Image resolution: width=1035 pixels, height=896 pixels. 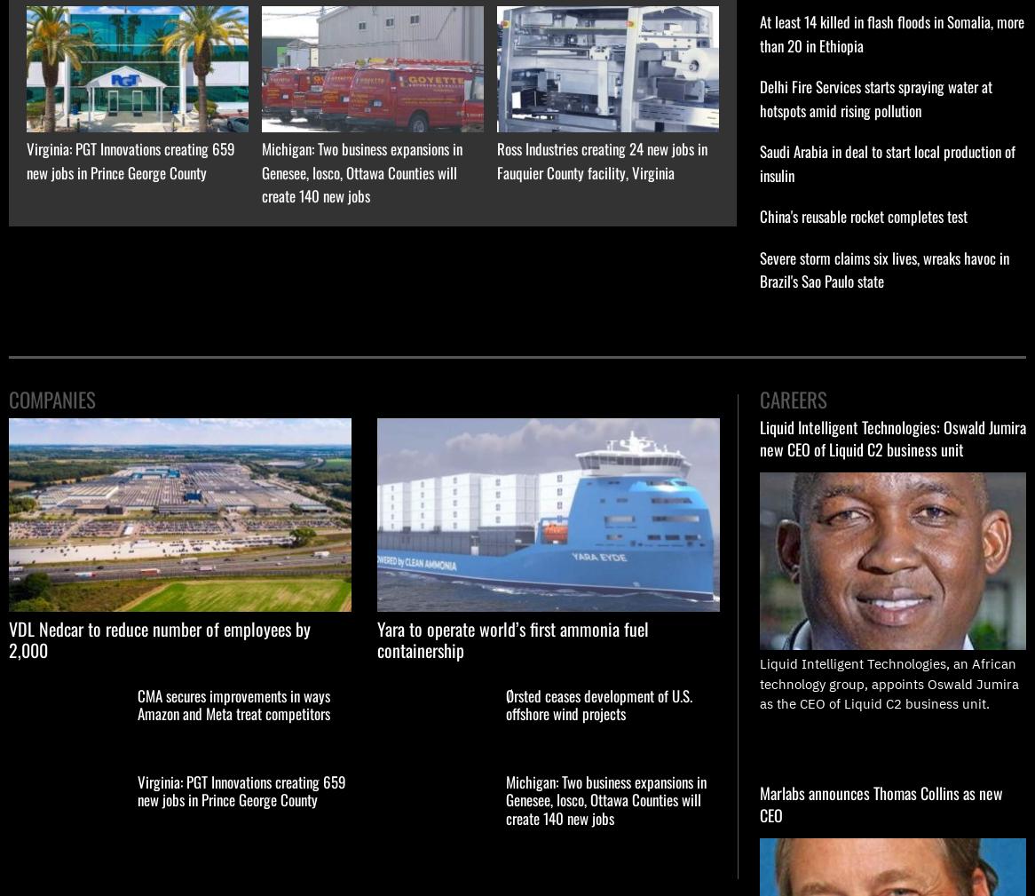 I want to click on 'Liquid Intelligent Technologies: Oswald Jumira new CEO of Liquid C2 business unit', so click(x=892, y=436).